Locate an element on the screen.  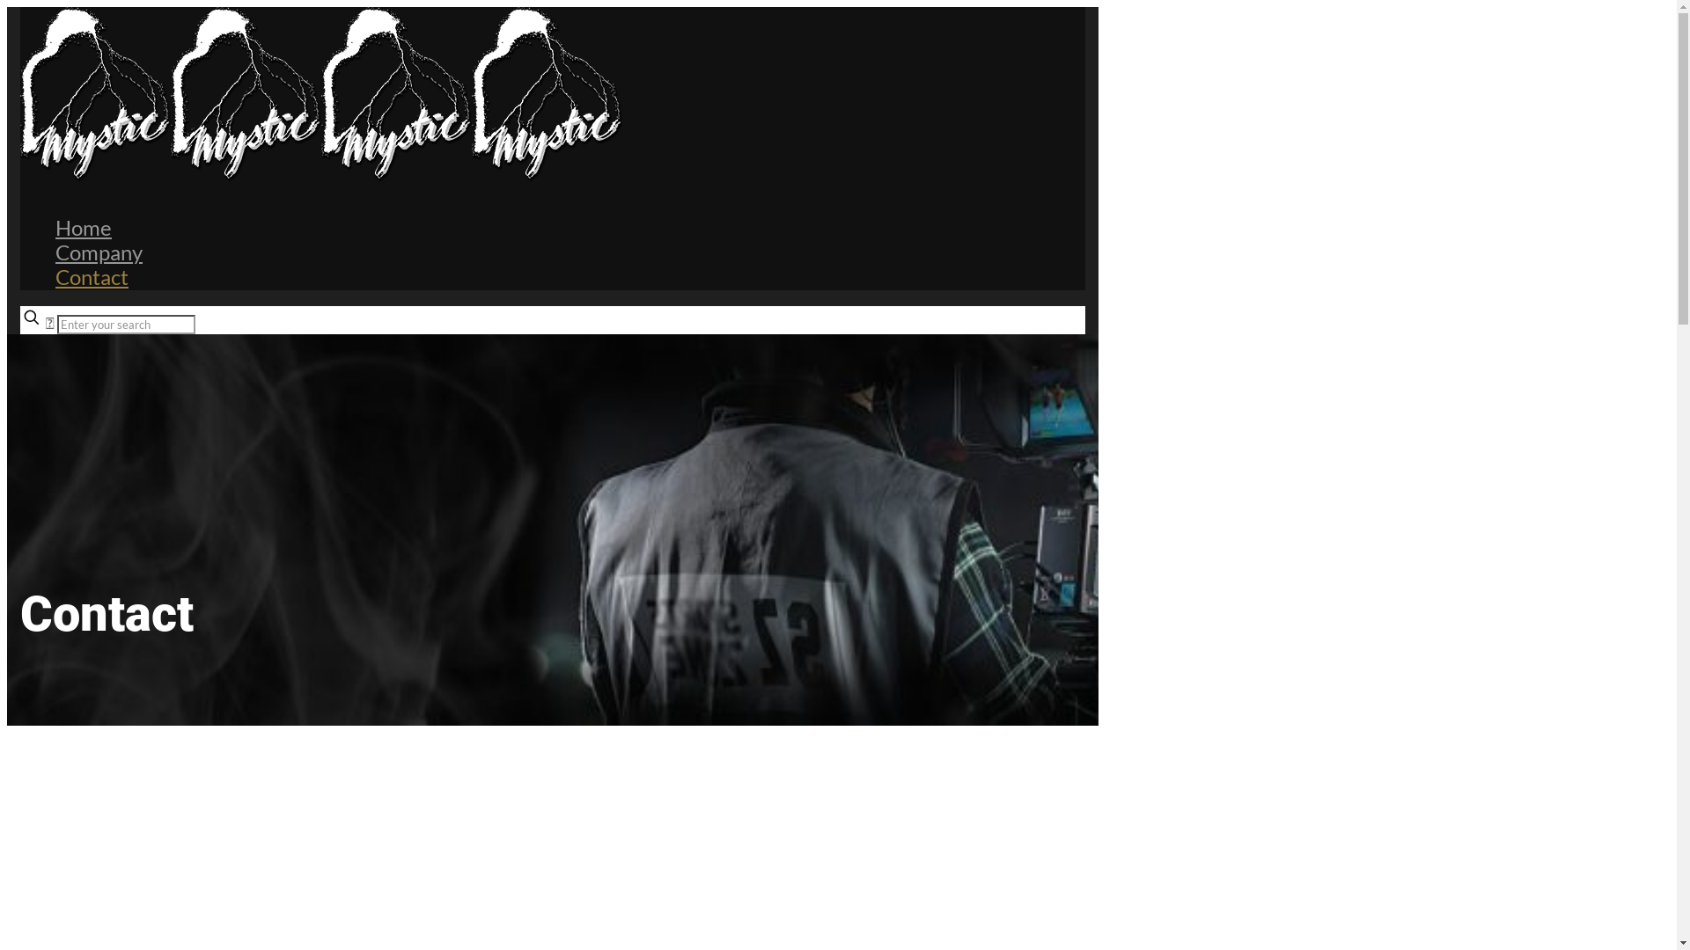
'Home' is located at coordinates (55, 226).